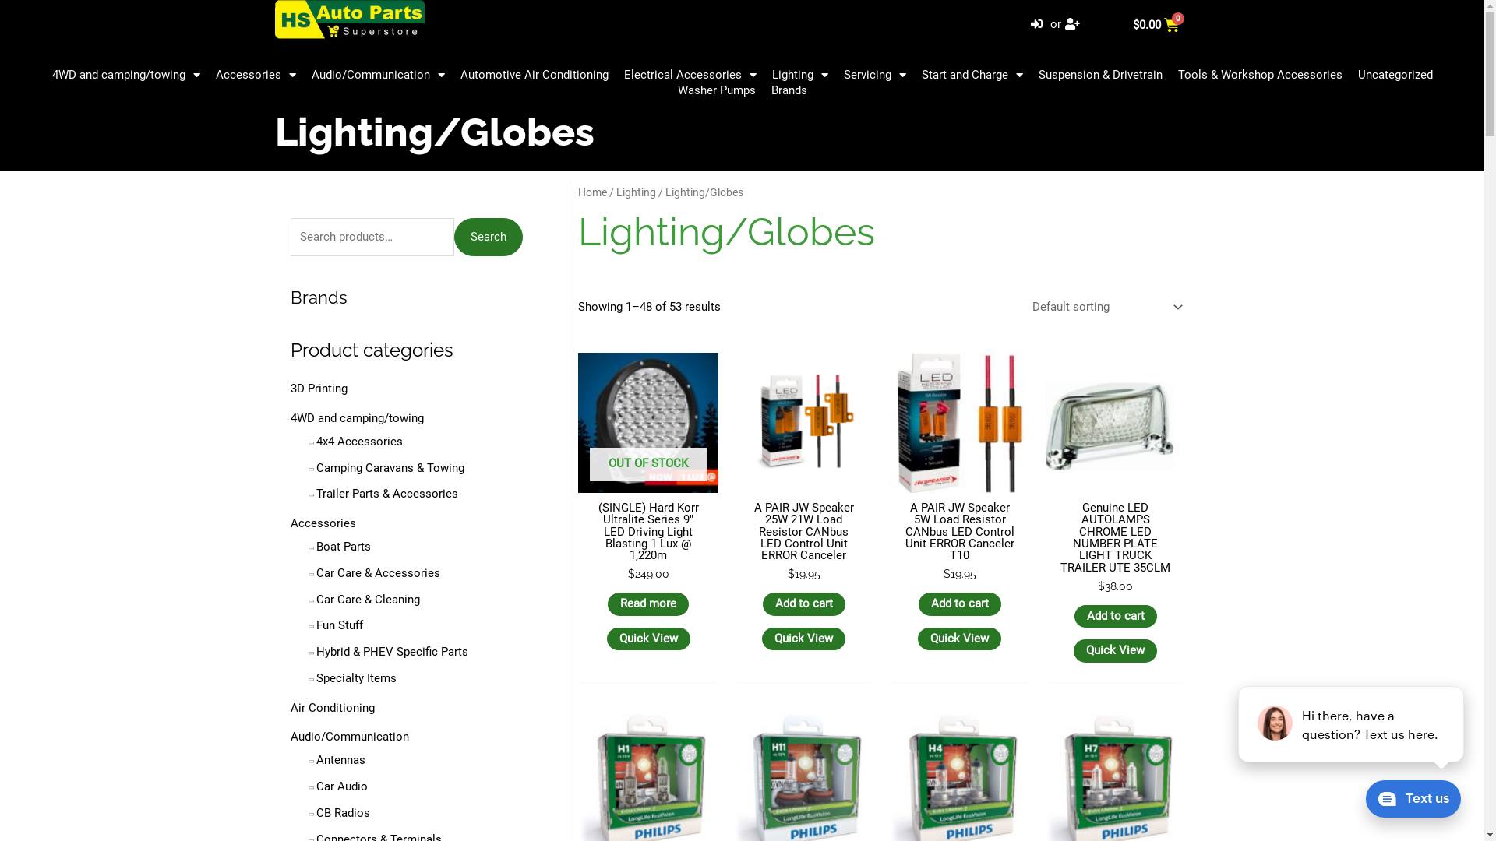 Image resolution: width=1496 pixels, height=841 pixels. I want to click on 'Brands', so click(317, 297).